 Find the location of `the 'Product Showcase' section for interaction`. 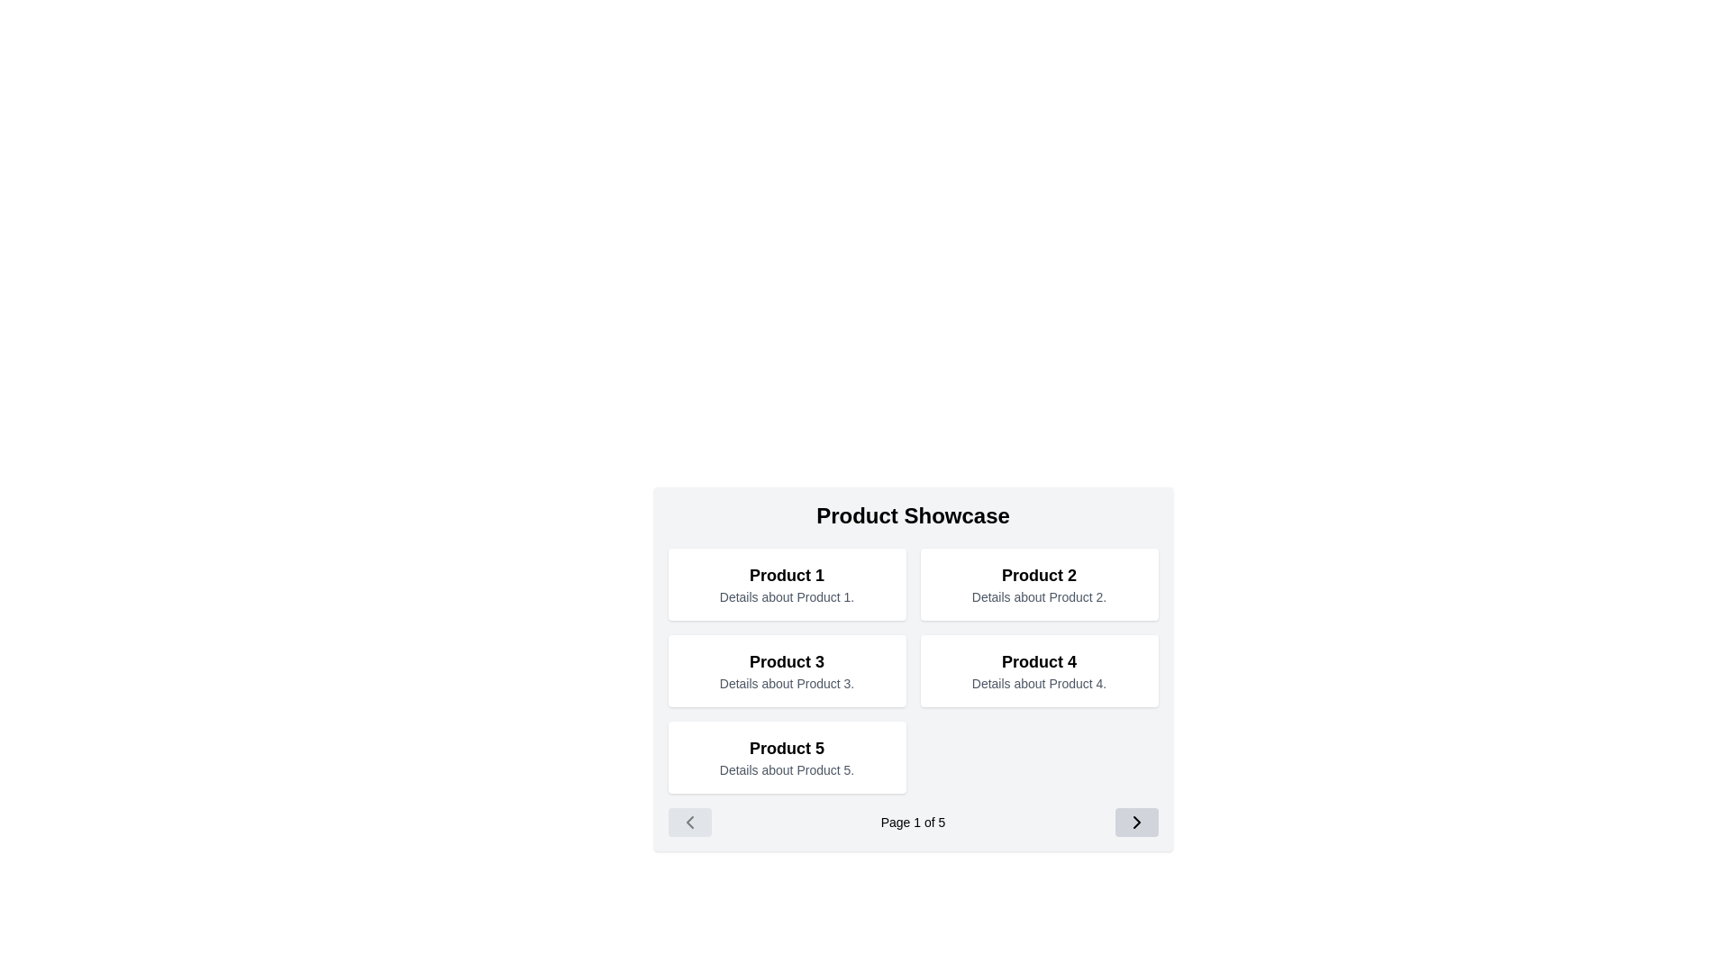

the 'Product Showcase' section for interaction is located at coordinates (913, 669).